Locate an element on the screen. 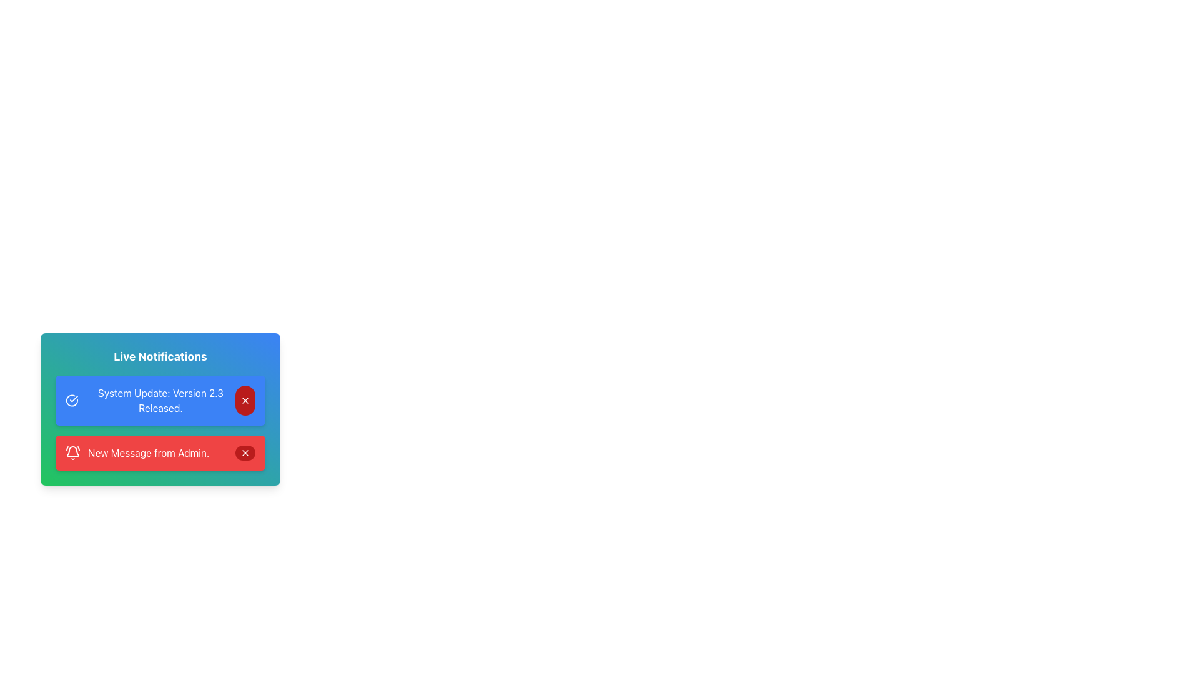 The image size is (1199, 674). the notification icon indicating a checkmark within the 'System Update: Version 2.3 Released.' notification, located near the top-left of the notification panel is located at coordinates (71, 400).